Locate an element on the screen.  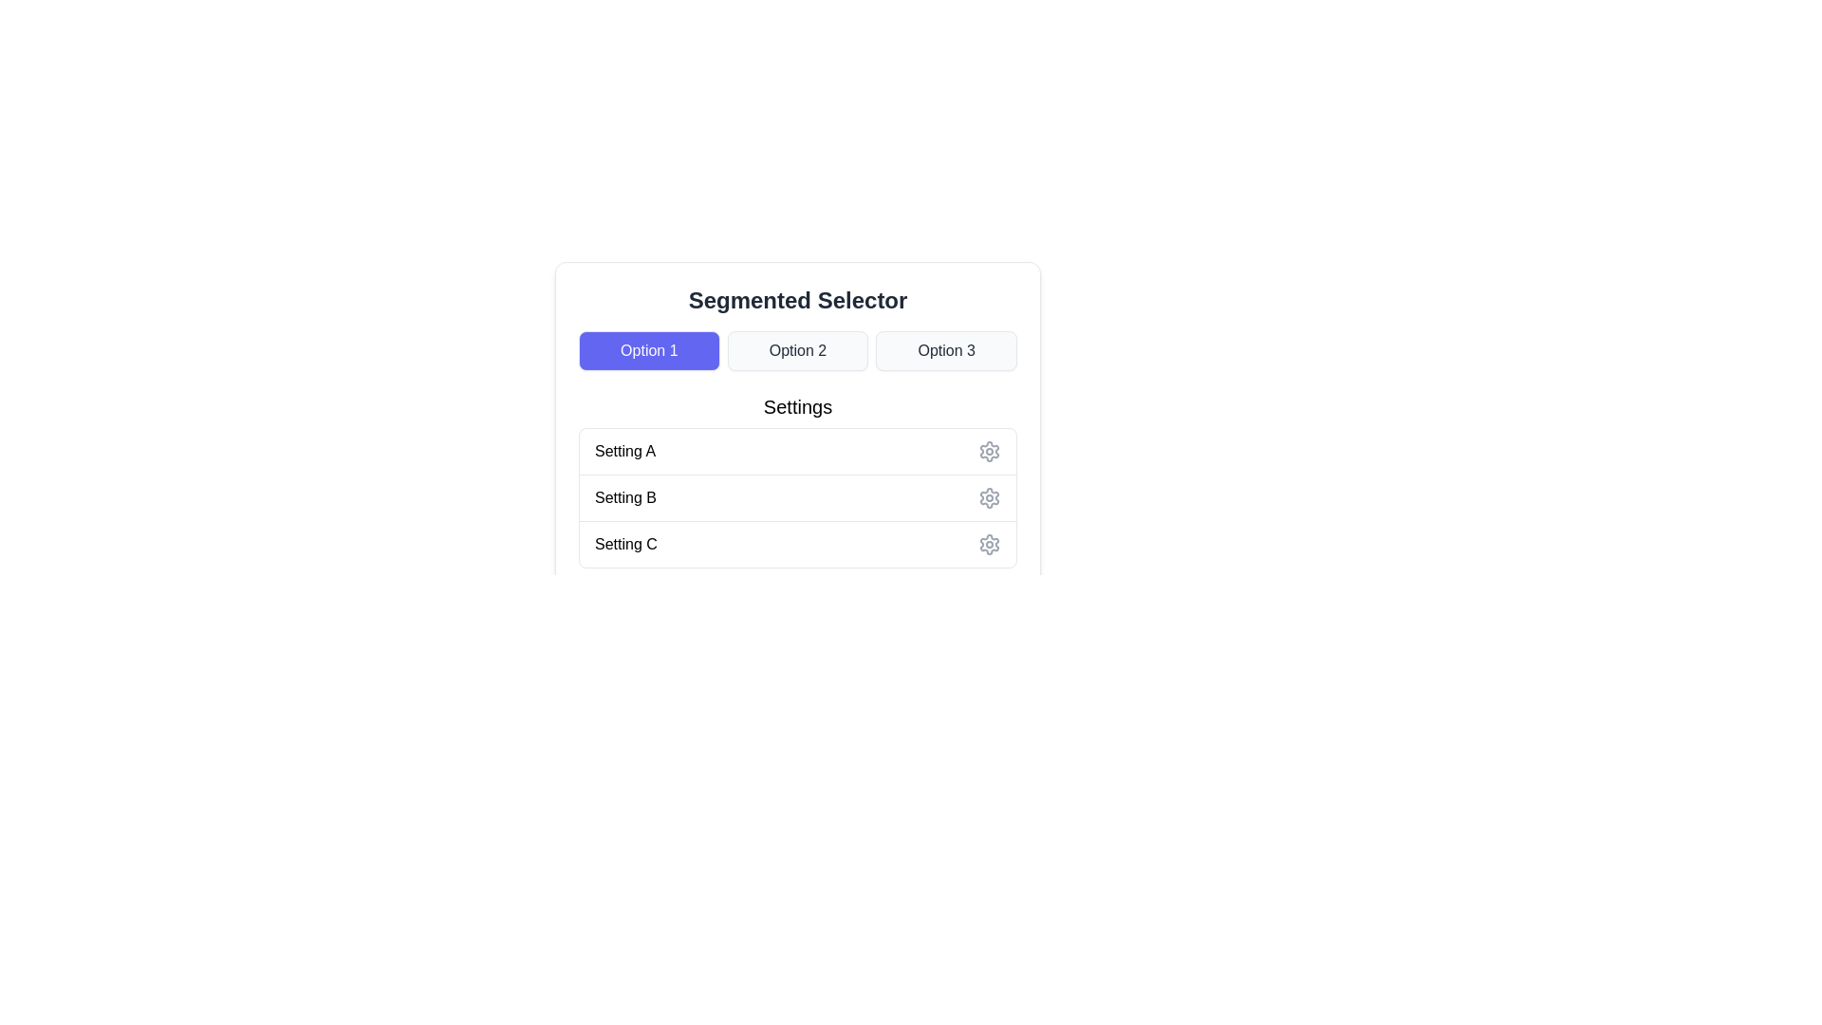
the first selectable list item labeled 'Setting A' is located at coordinates (797, 451).